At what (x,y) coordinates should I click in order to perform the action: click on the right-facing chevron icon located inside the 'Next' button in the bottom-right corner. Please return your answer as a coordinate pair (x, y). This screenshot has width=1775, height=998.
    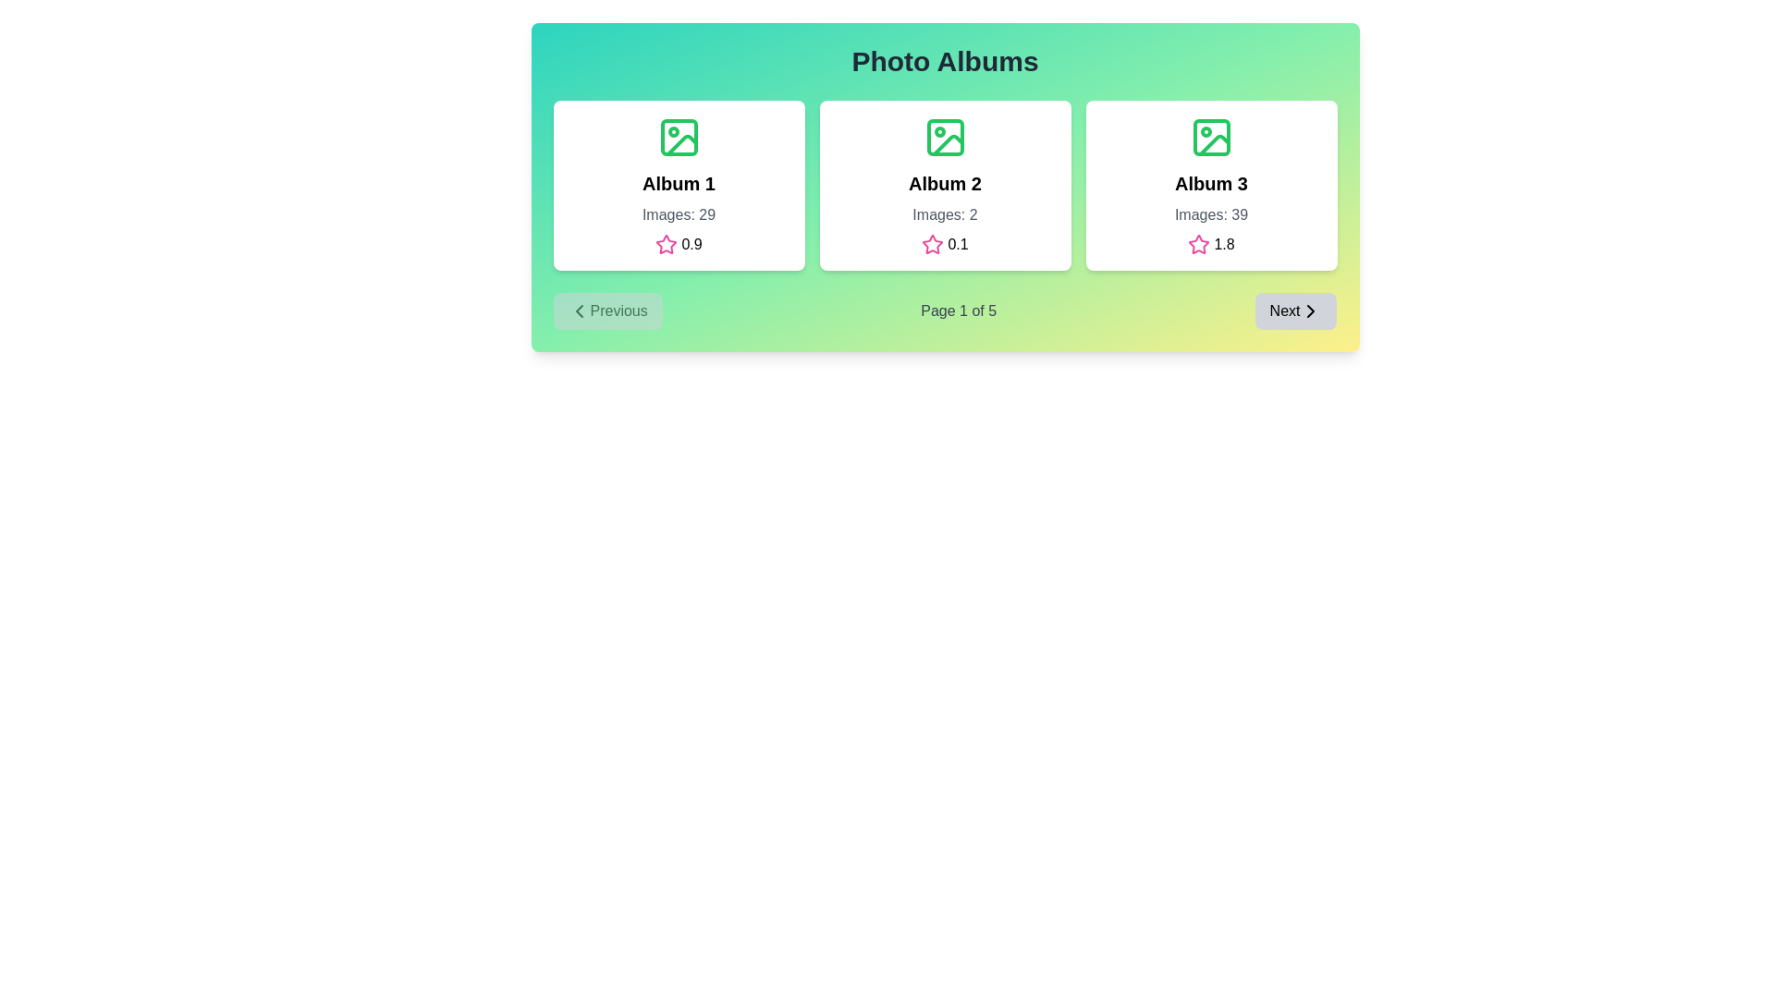
    Looking at the image, I should click on (1310, 310).